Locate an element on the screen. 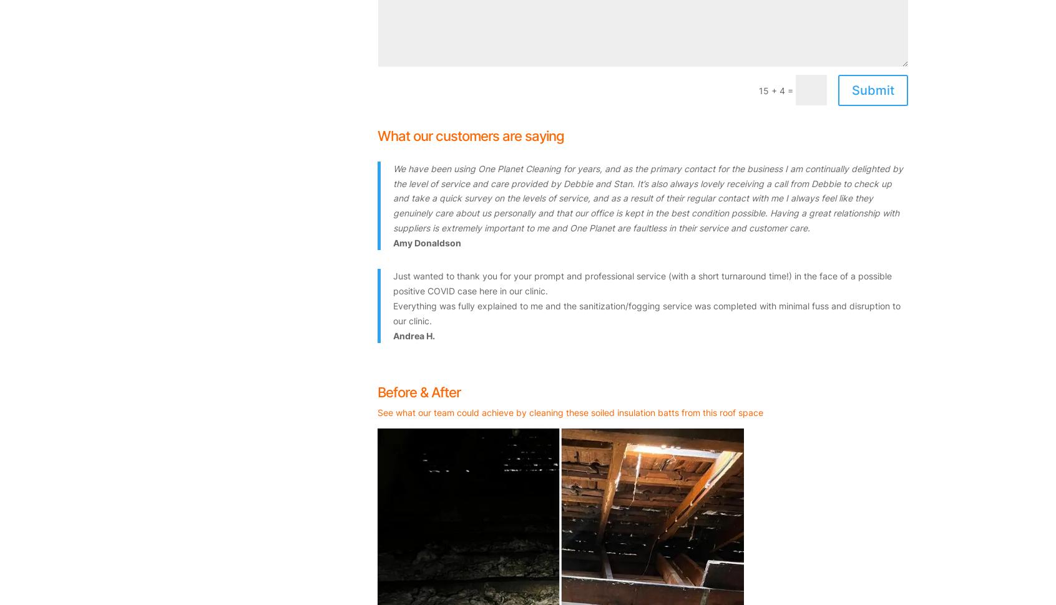 The image size is (1056, 605). 'Amy Donaldson' is located at coordinates (427, 242).